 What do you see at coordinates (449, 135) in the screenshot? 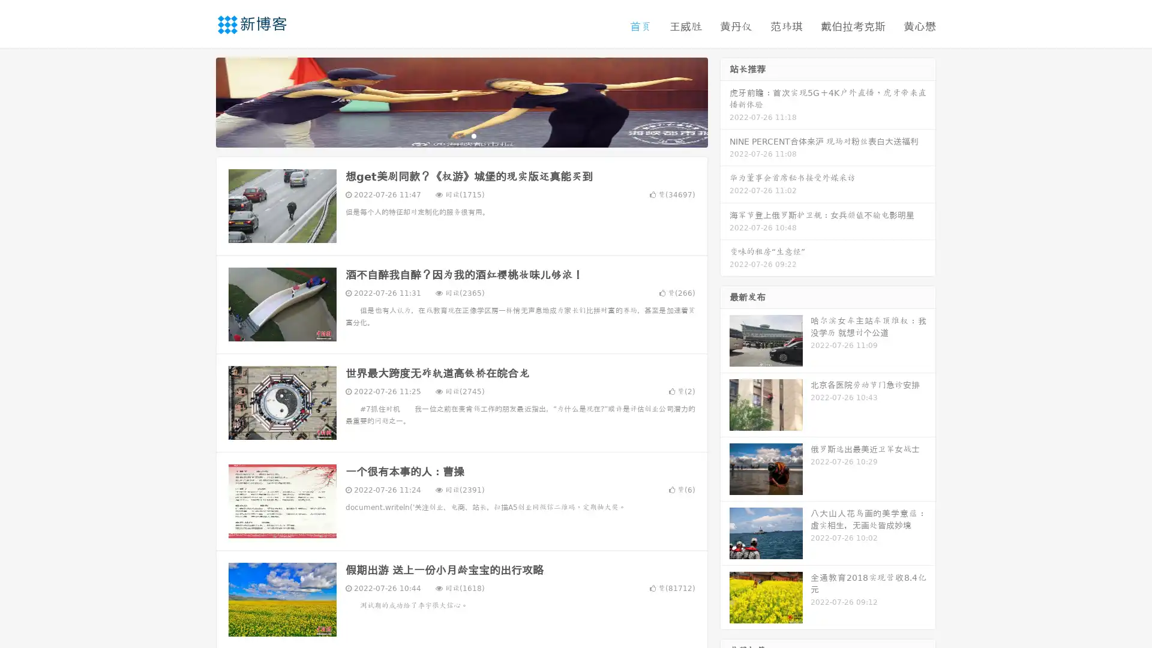
I see `Go to slide 1` at bounding box center [449, 135].